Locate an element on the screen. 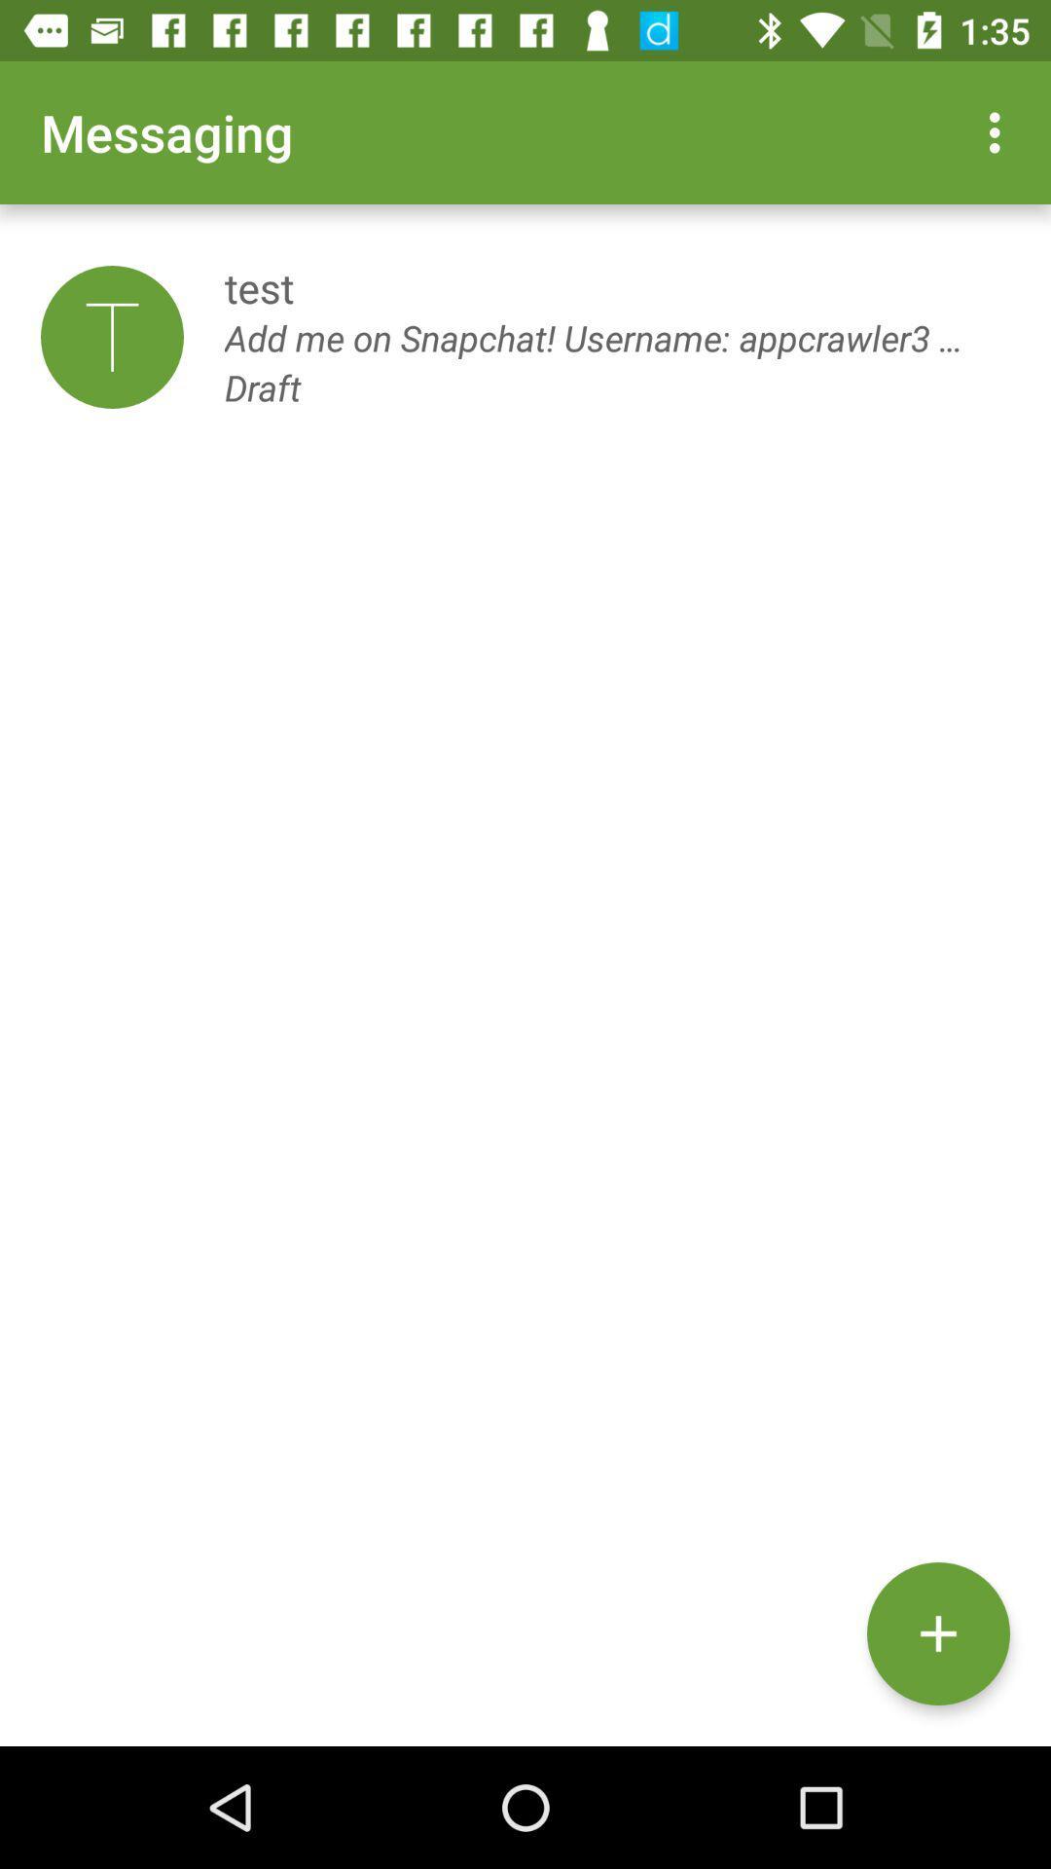 The image size is (1051, 1869). the icon to the left of the test is located at coordinates (112, 337).